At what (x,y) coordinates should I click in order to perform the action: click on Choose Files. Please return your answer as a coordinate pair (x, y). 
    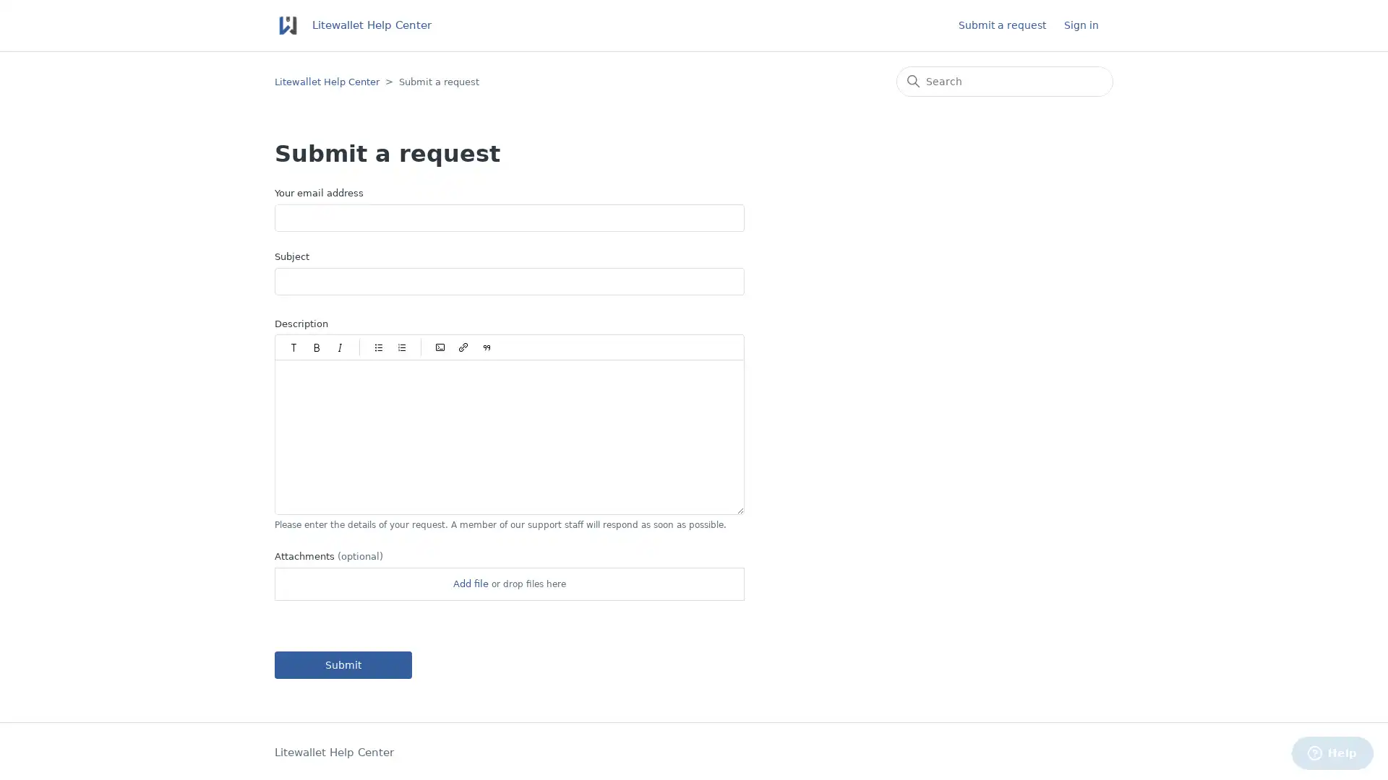
    Looking at the image, I should click on (320, 582).